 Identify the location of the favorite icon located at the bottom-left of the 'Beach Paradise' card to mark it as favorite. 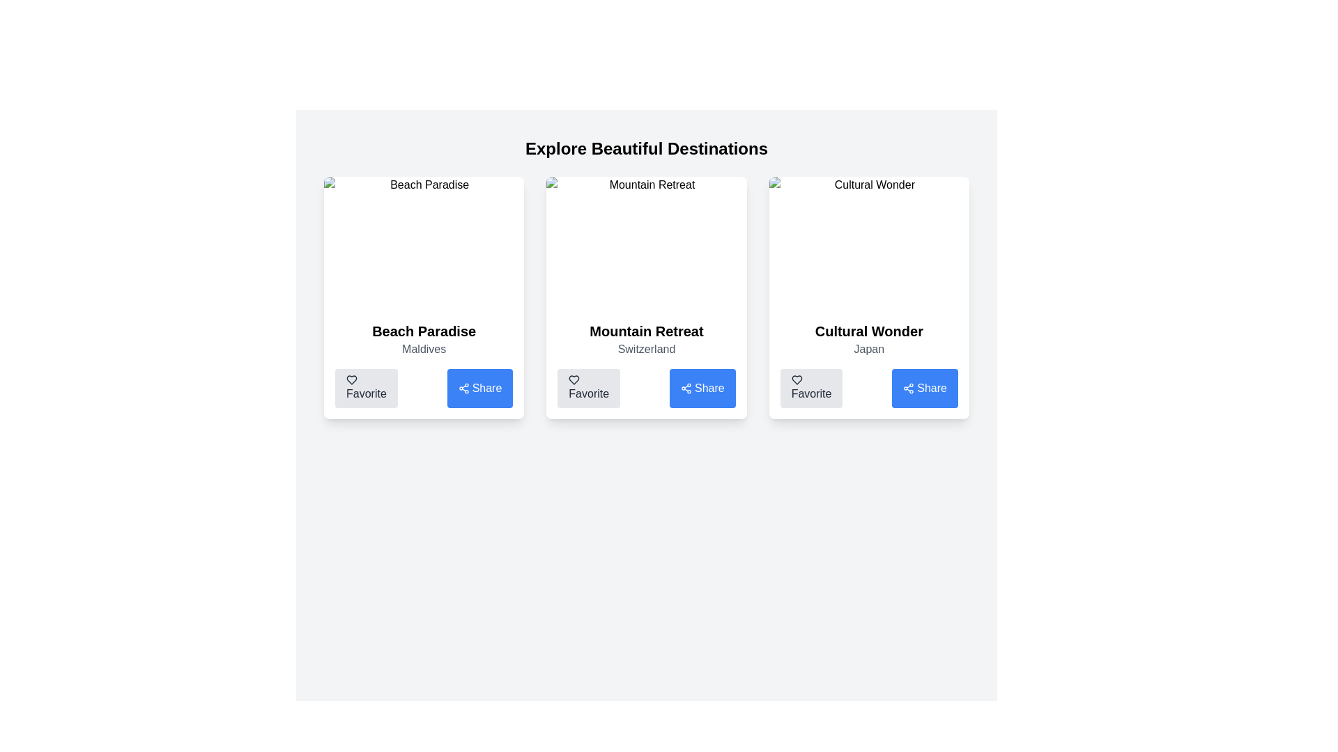
(351, 380).